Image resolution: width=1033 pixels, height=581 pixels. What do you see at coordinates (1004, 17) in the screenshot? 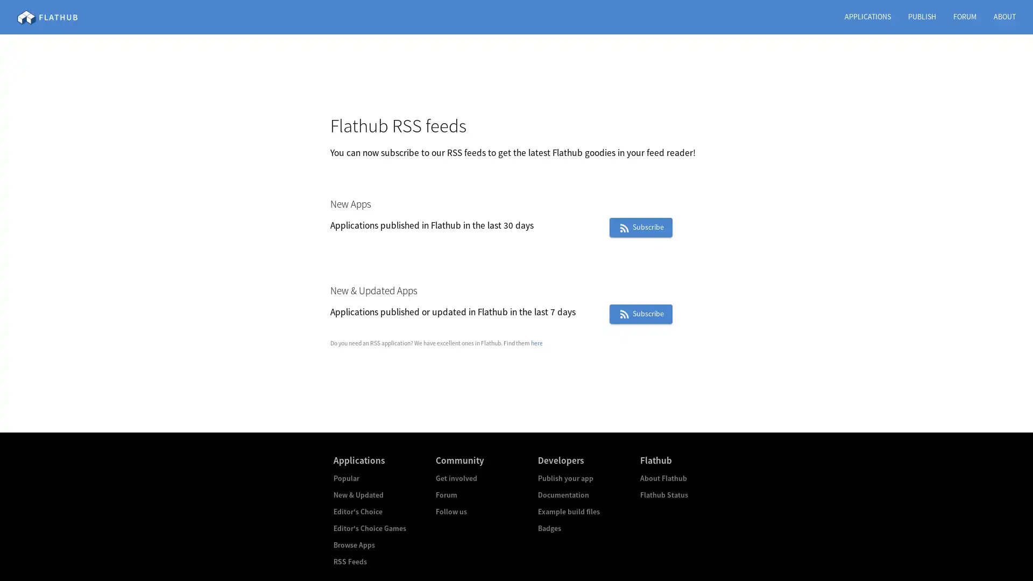
I see `ABOUT` at bounding box center [1004, 17].